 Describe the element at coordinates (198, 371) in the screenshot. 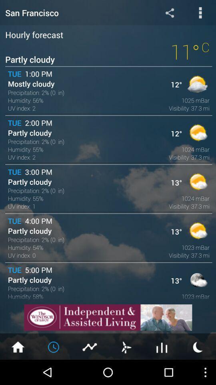

I see `the weather icon` at that location.